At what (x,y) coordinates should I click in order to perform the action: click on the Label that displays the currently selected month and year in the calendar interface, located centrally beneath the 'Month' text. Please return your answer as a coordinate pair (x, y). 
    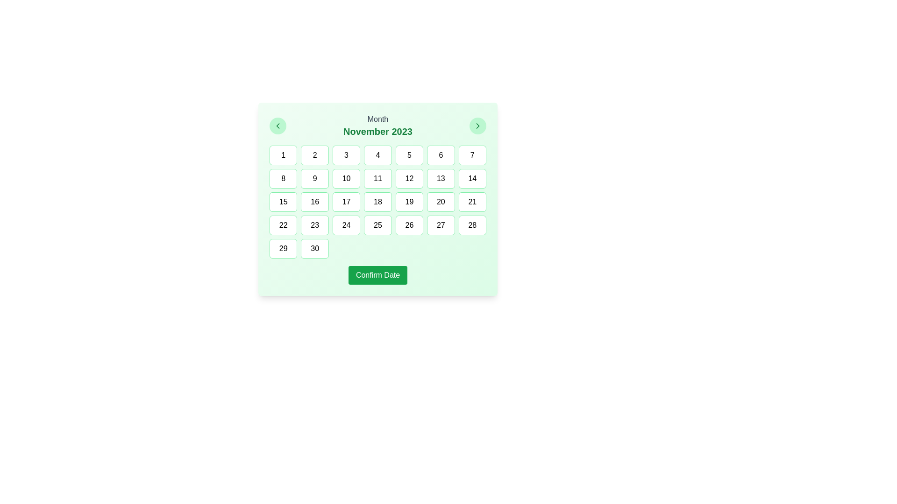
    Looking at the image, I should click on (378, 131).